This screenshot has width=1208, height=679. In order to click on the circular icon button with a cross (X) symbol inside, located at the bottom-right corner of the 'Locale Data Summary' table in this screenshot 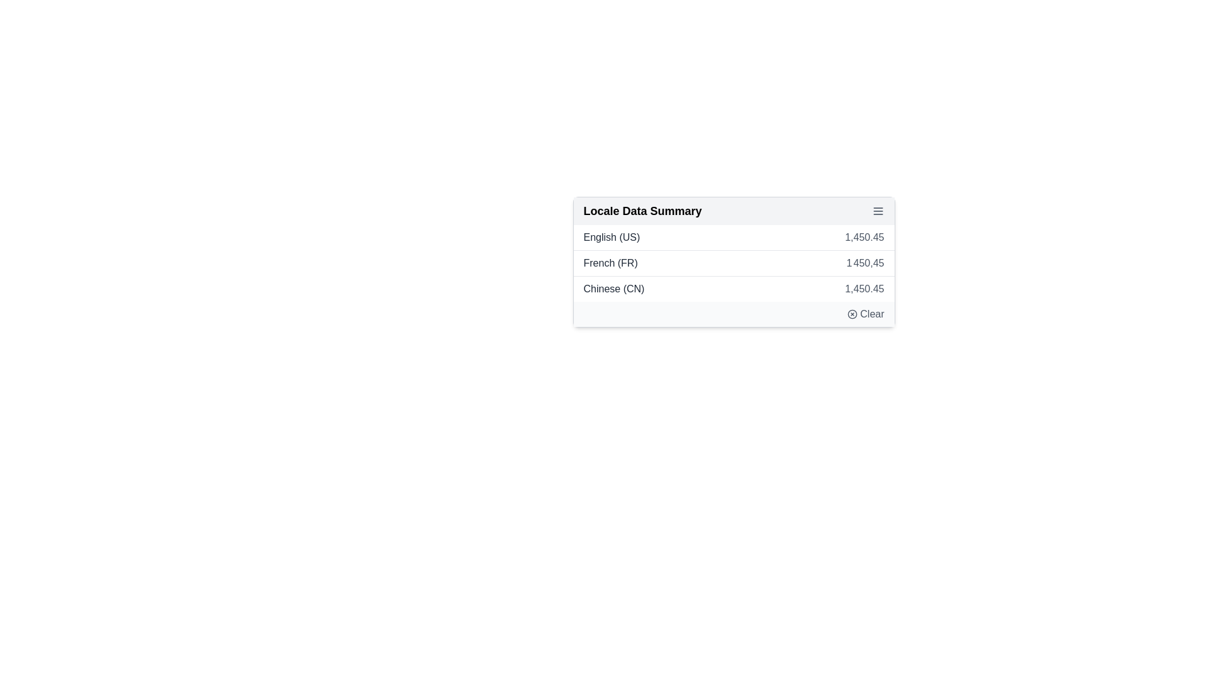, I will do `click(853, 314)`.